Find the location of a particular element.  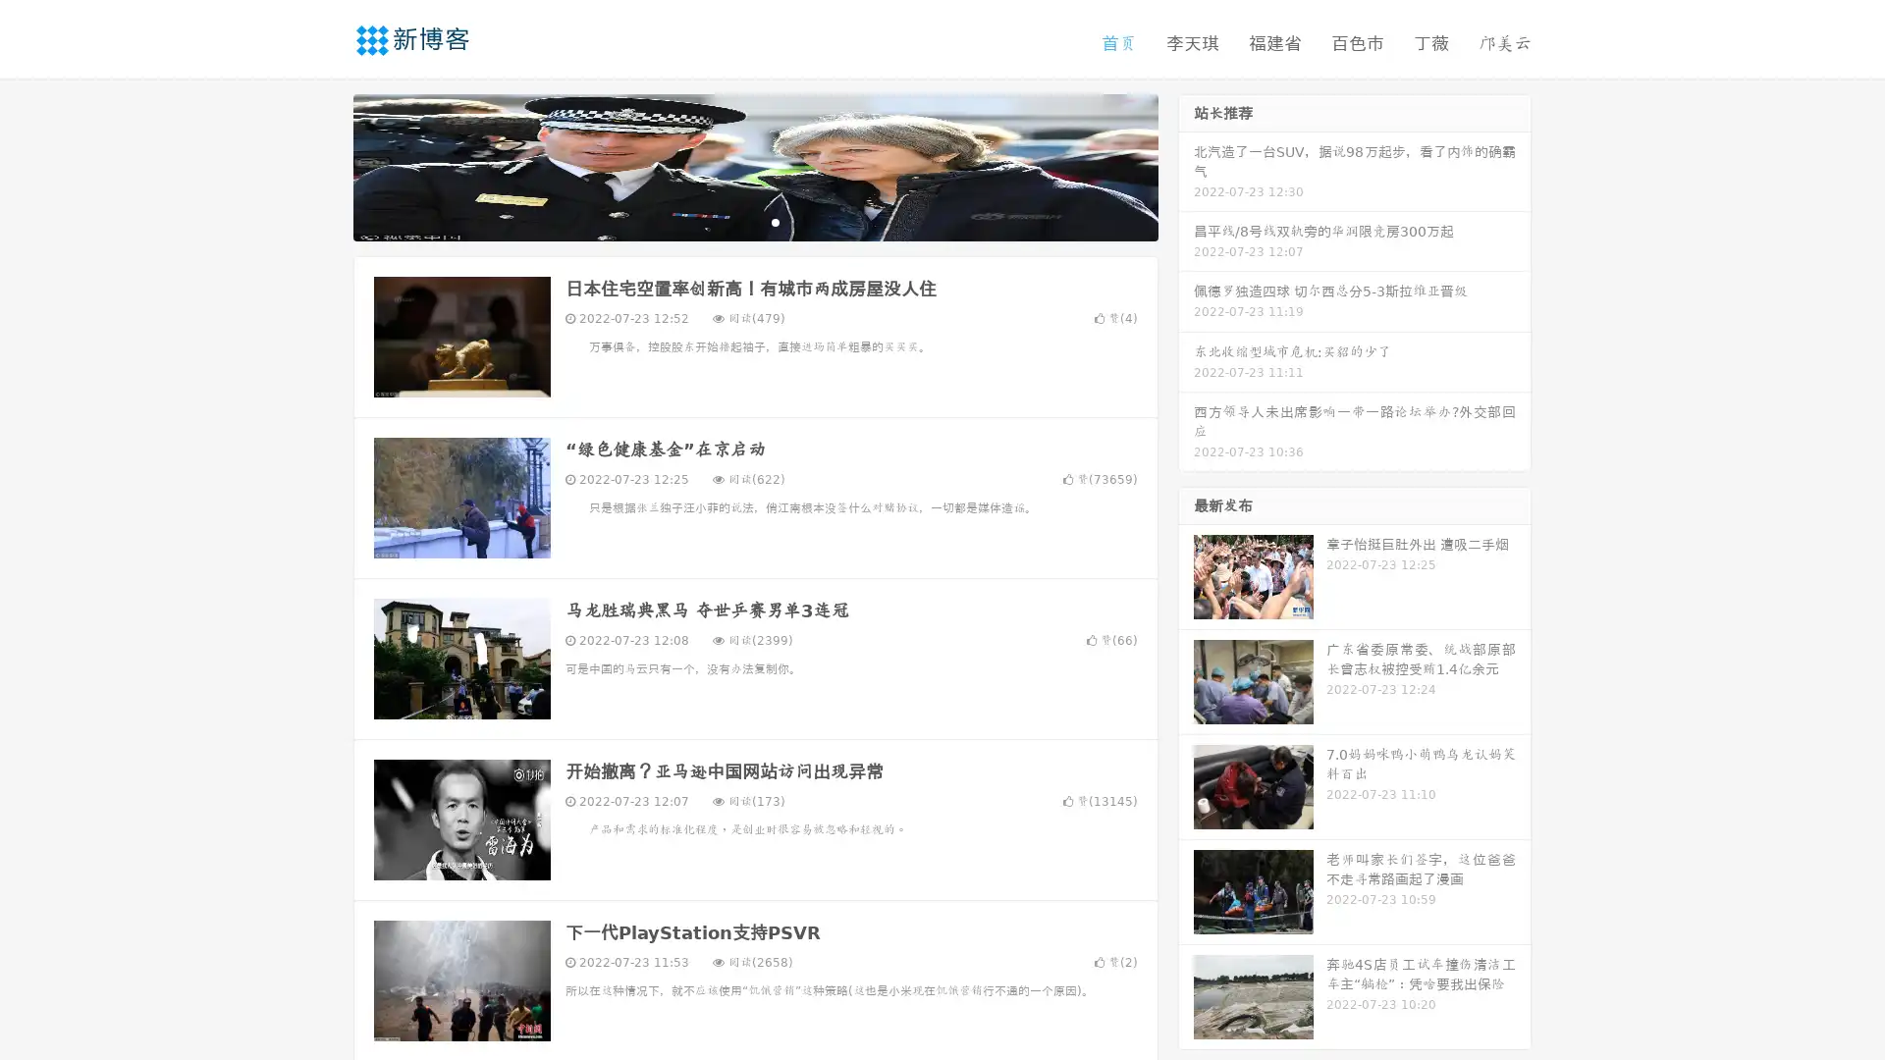

Go to slide 1 is located at coordinates (734, 221).